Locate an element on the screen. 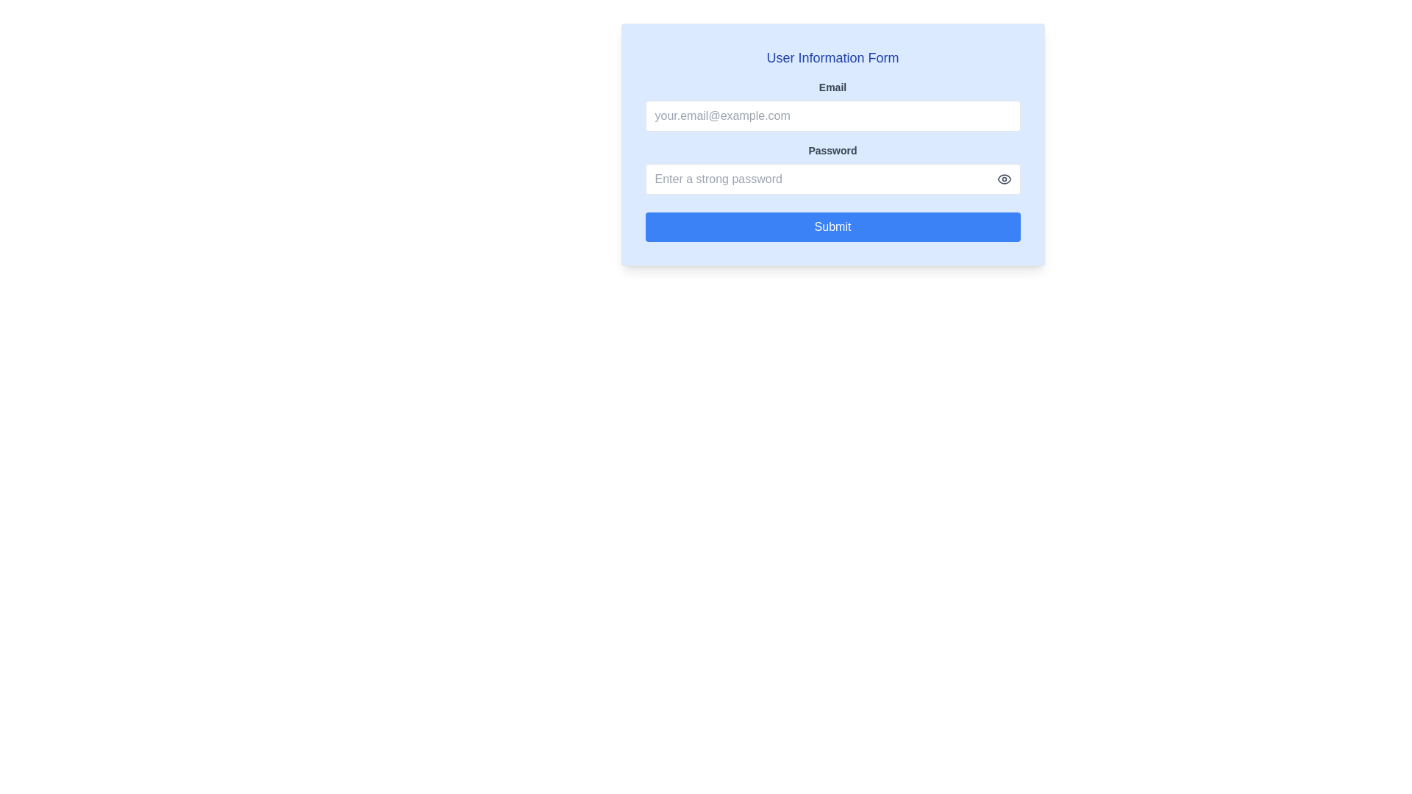  the Text Label titled 'Password', which is styled with a smaller font size and heavier weight, colored dark gray against a light blue background, located below the 'Email' label and above the password input field is located at coordinates (832, 150).